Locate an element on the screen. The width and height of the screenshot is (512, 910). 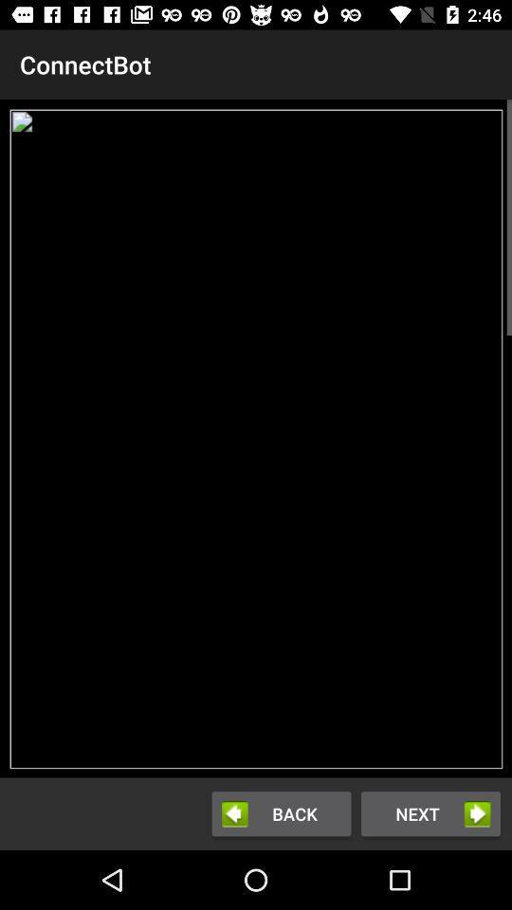
next button is located at coordinates (430, 812).